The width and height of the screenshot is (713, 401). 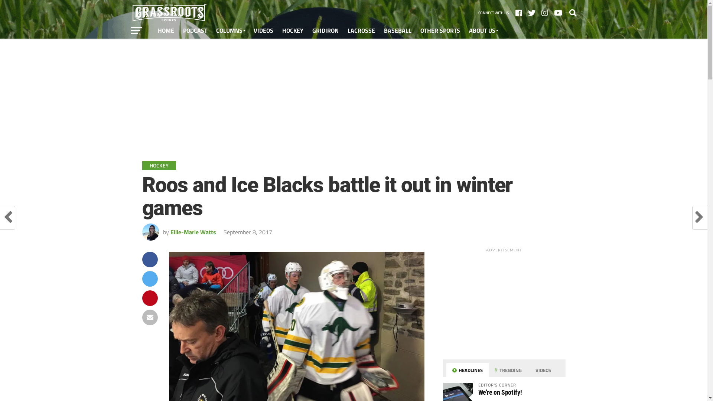 What do you see at coordinates (440, 30) in the screenshot?
I see `'OTHER SPORTS'` at bounding box center [440, 30].